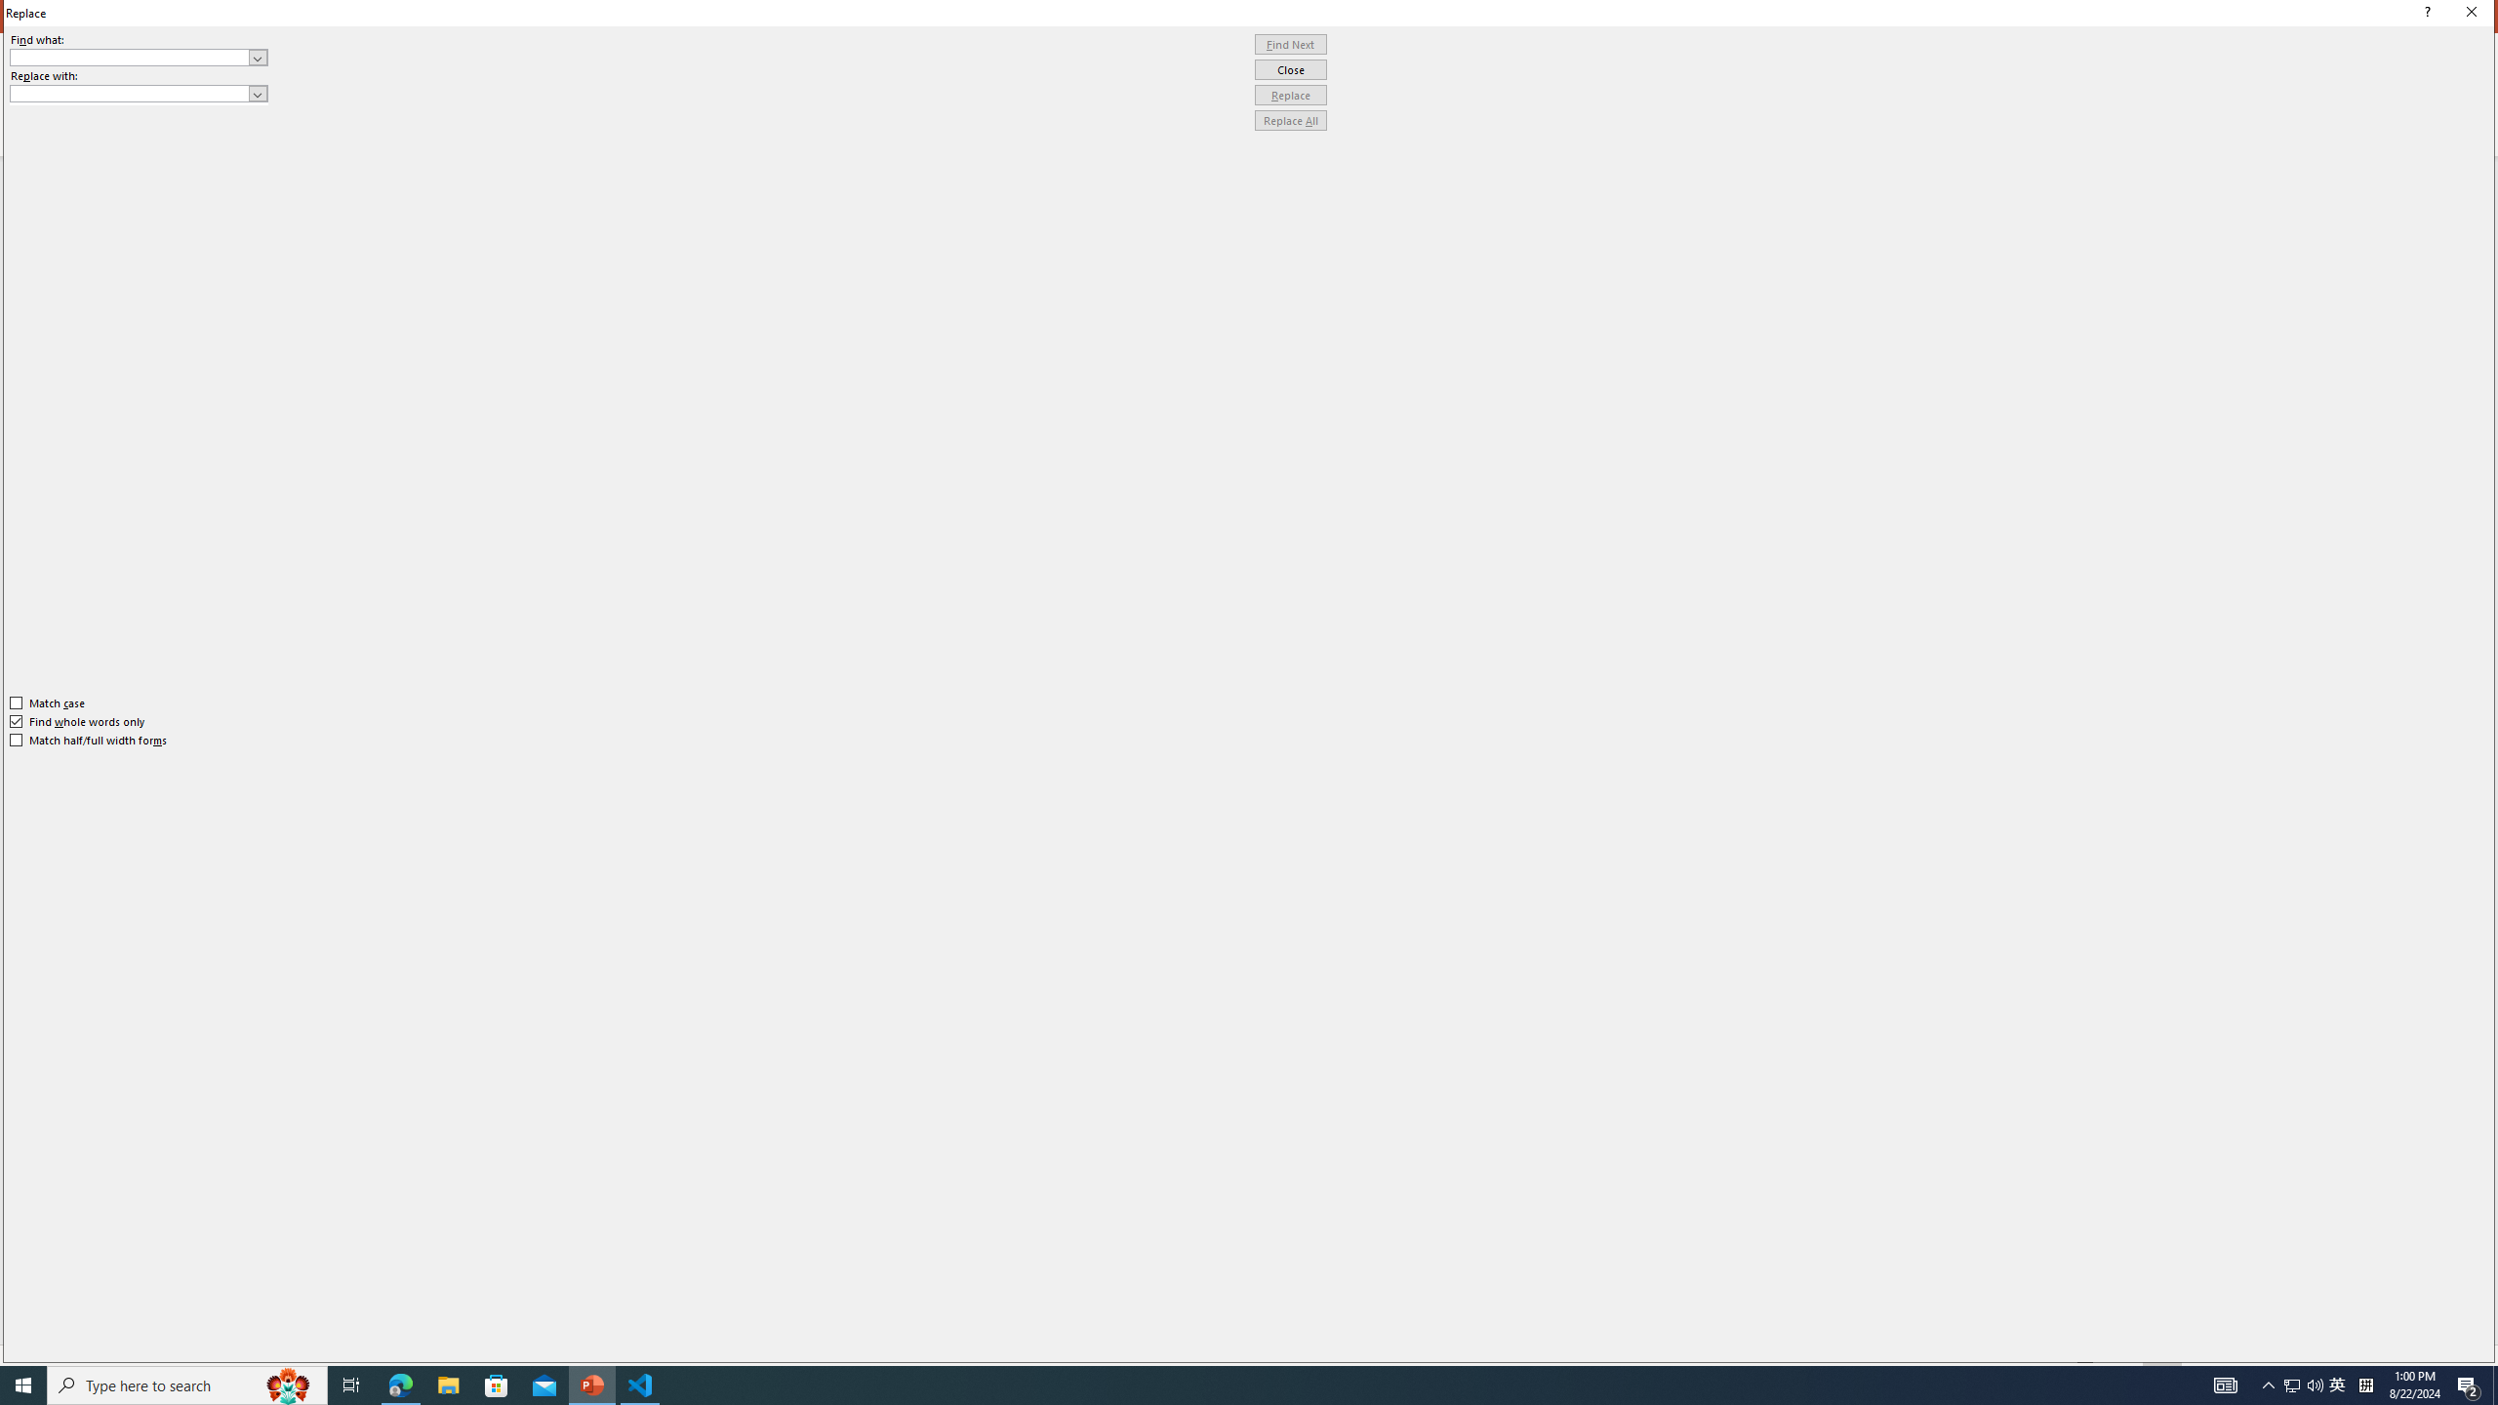 This screenshot has width=2498, height=1405. I want to click on 'Find what', so click(139, 57).